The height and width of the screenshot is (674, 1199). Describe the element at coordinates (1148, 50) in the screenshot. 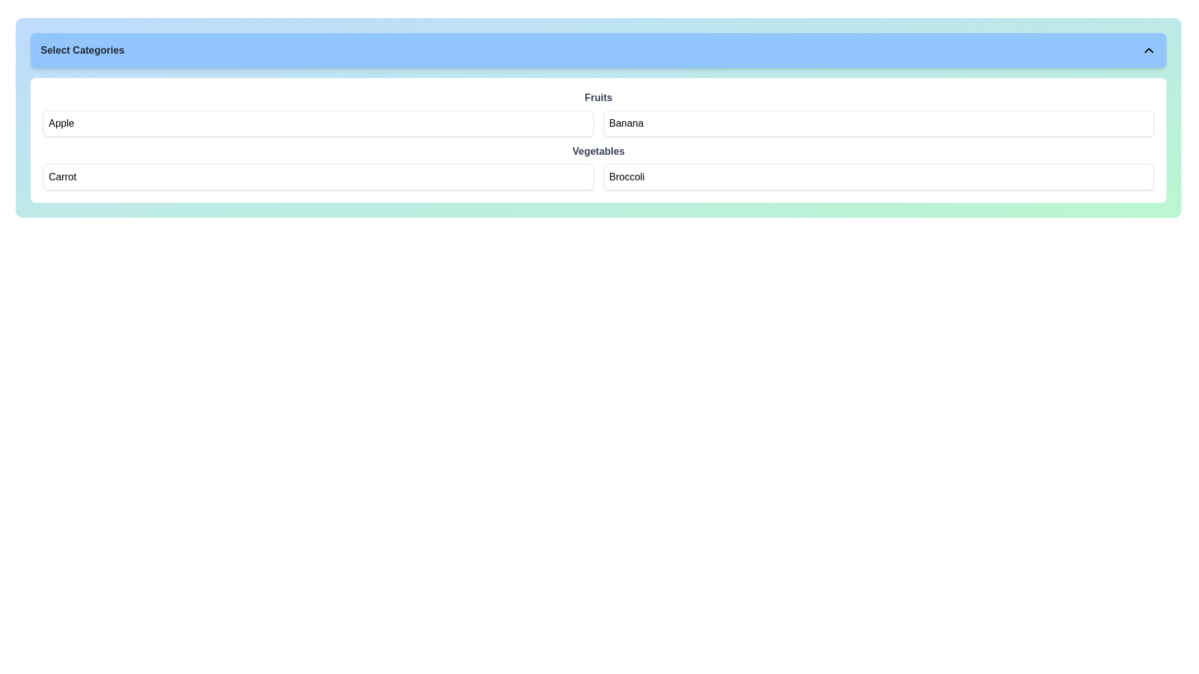

I see `the black upward-pointing chevron icon button located on the light blue 'Select Categories' bar` at that location.